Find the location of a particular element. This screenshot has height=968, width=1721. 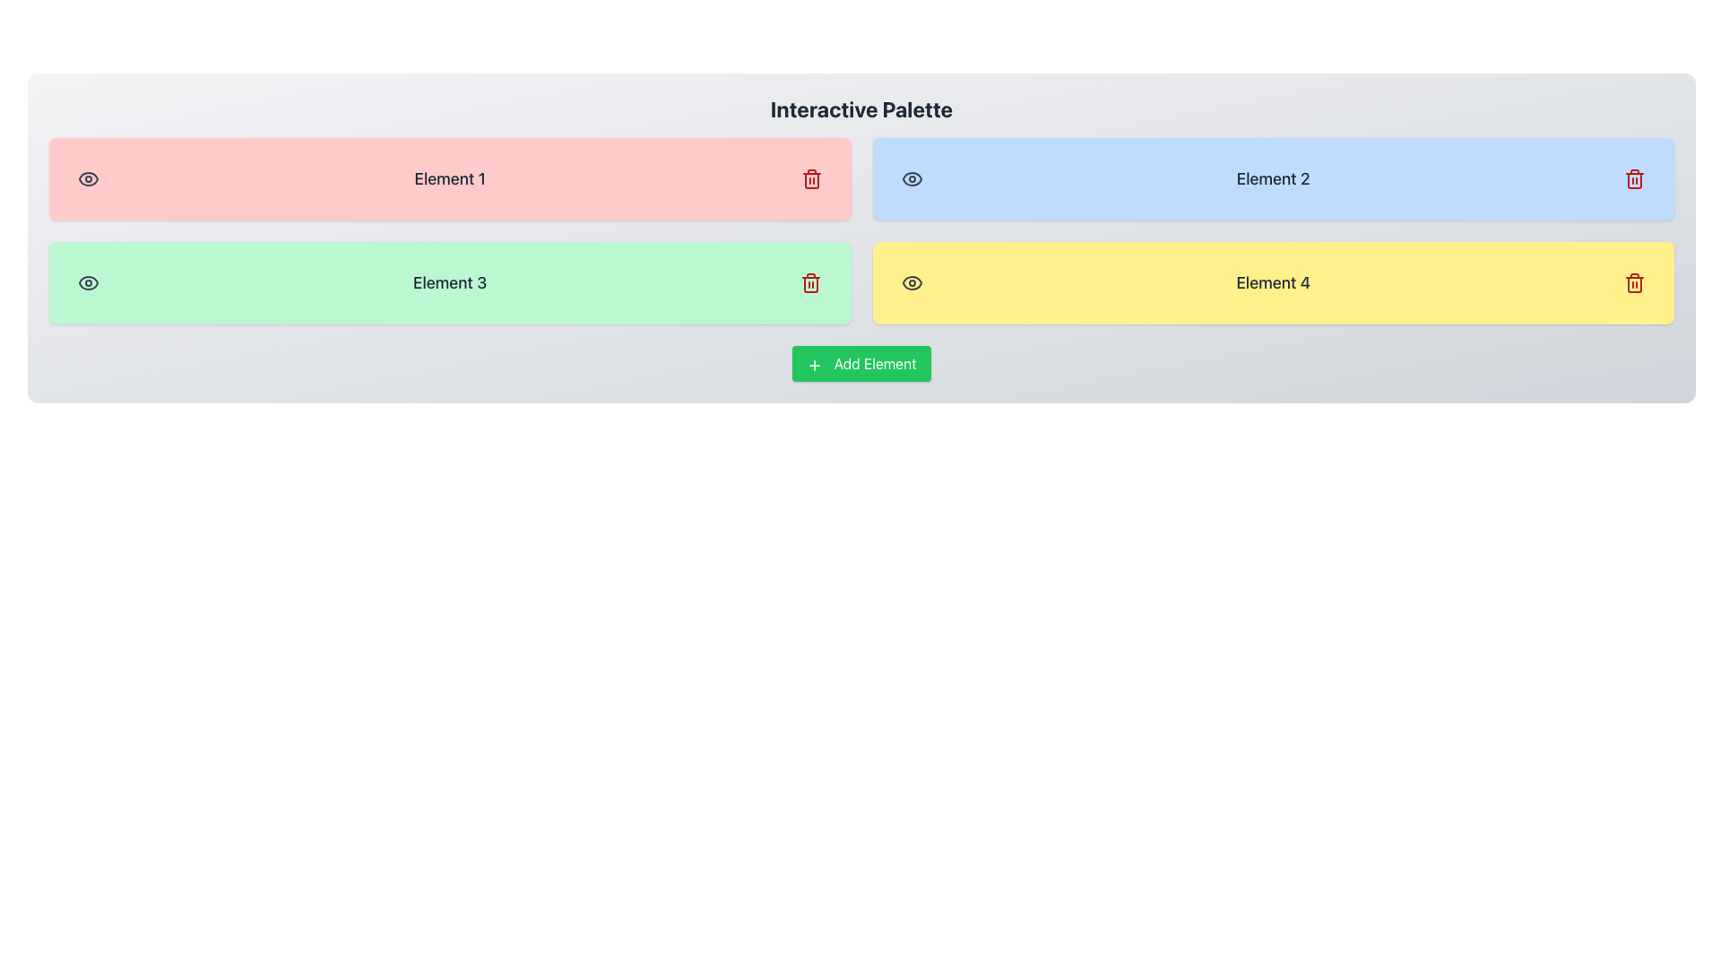

the deletion button located at the right side of the light green block labeled 'Element 3' is located at coordinates (810, 282).